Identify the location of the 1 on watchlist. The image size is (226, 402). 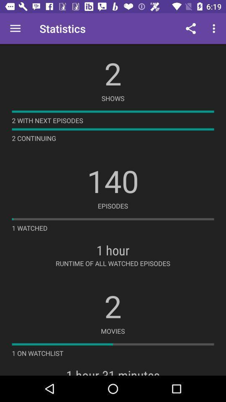
(37, 353).